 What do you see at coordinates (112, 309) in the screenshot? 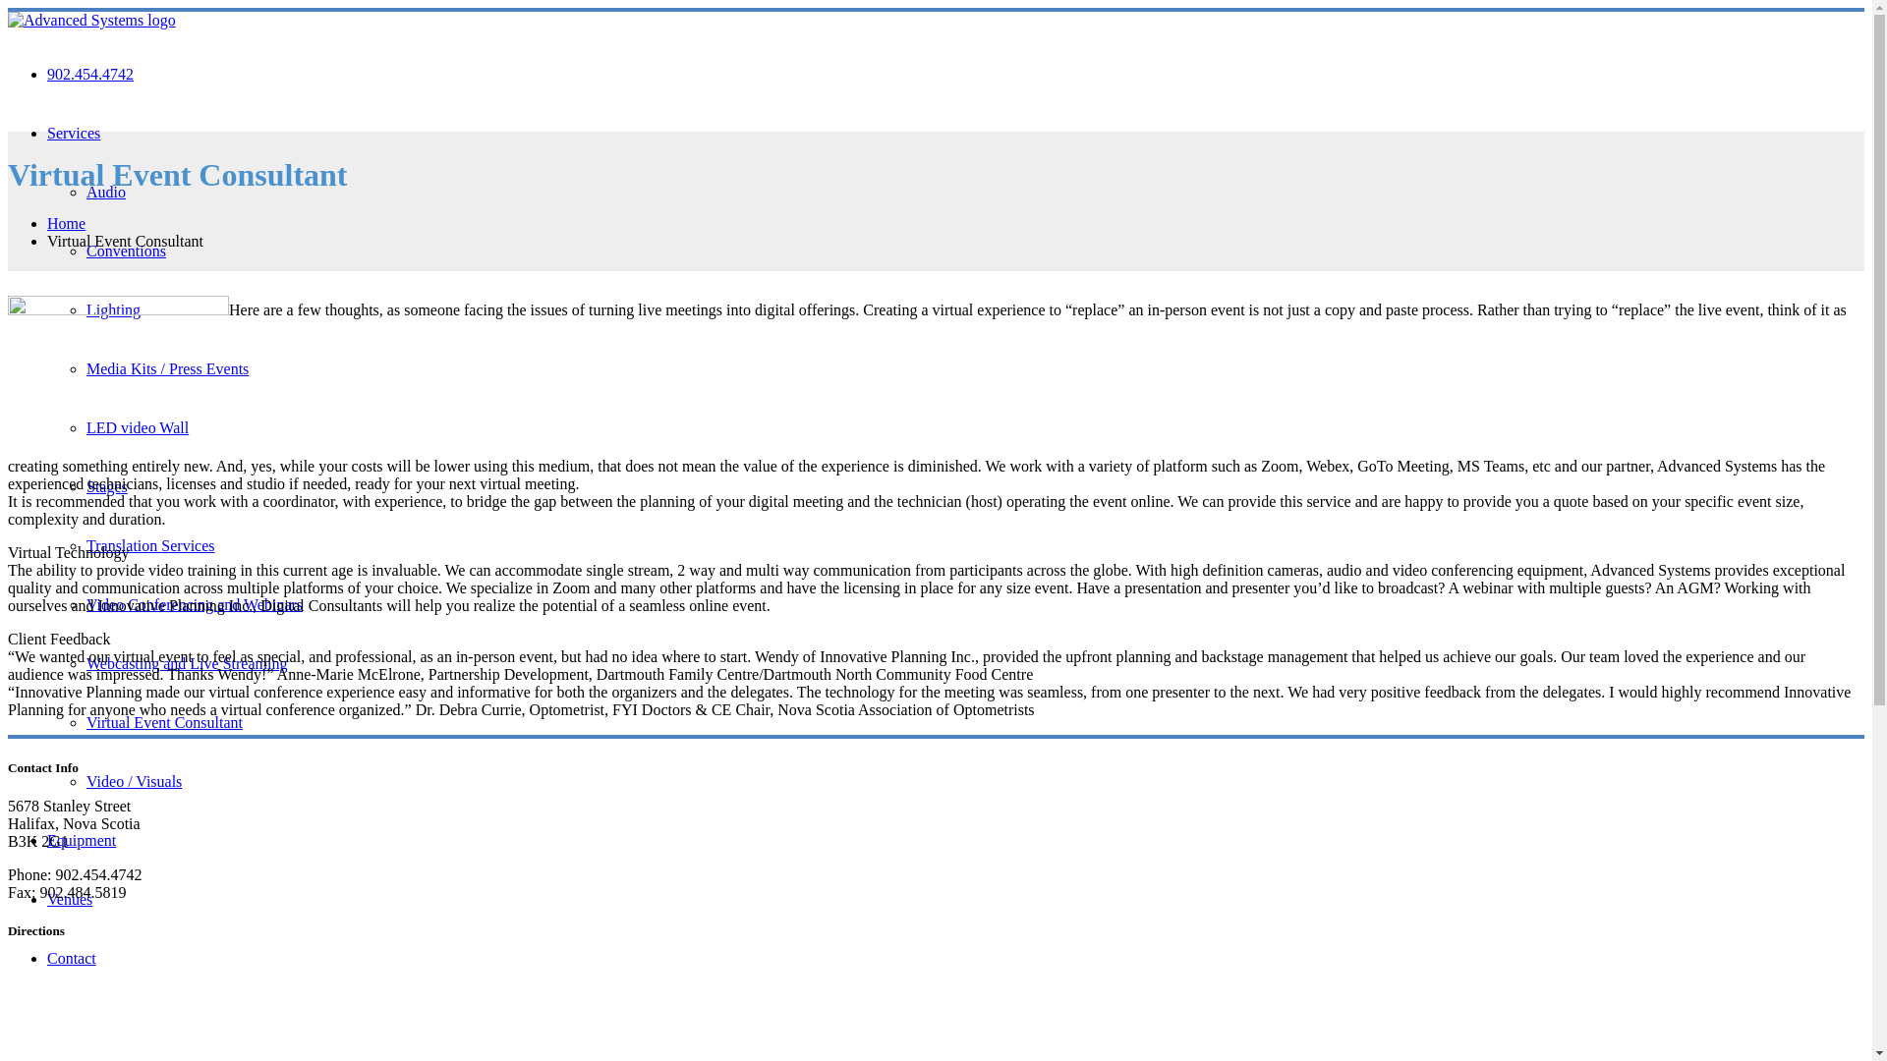
I see `'Lighting'` at bounding box center [112, 309].